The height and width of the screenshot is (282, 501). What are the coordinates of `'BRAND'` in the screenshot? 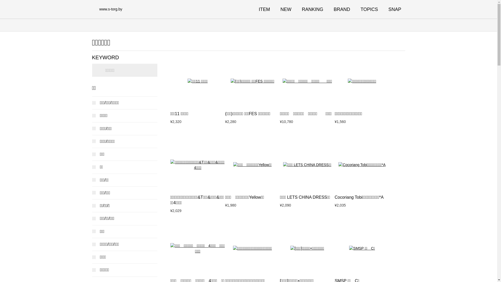 It's located at (342, 9).